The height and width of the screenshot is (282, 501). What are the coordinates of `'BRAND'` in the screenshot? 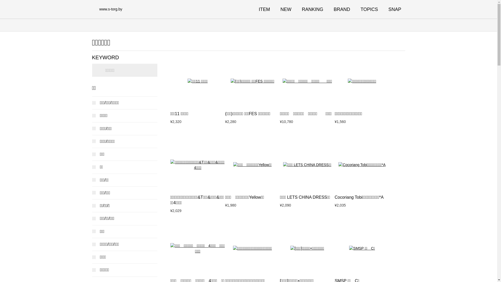 It's located at (342, 9).